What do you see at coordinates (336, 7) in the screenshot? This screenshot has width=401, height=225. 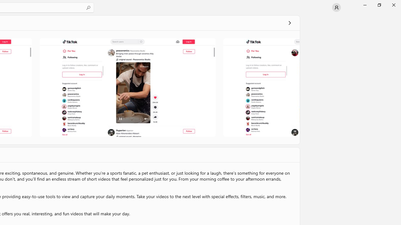 I see `'User profile'` at bounding box center [336, 7].